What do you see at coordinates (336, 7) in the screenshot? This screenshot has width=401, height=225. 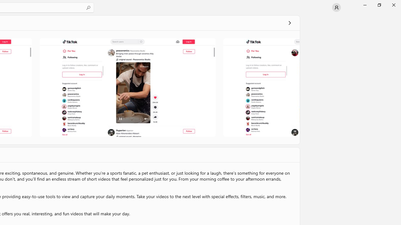 I see `'User profile'` at bounding box center [336, 7].